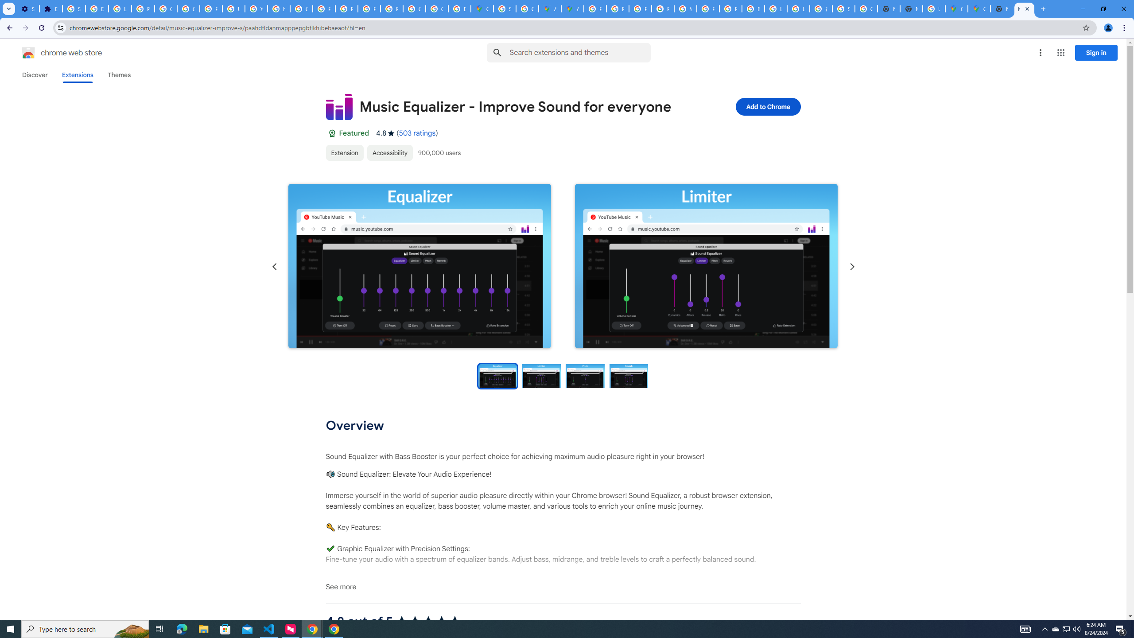 This screenshot has width=1134, height=638. Describe the element at coordinates (120, 8) in the screenshot. I see `'Learn how to find your photos - Google Photos Help'` at that location.